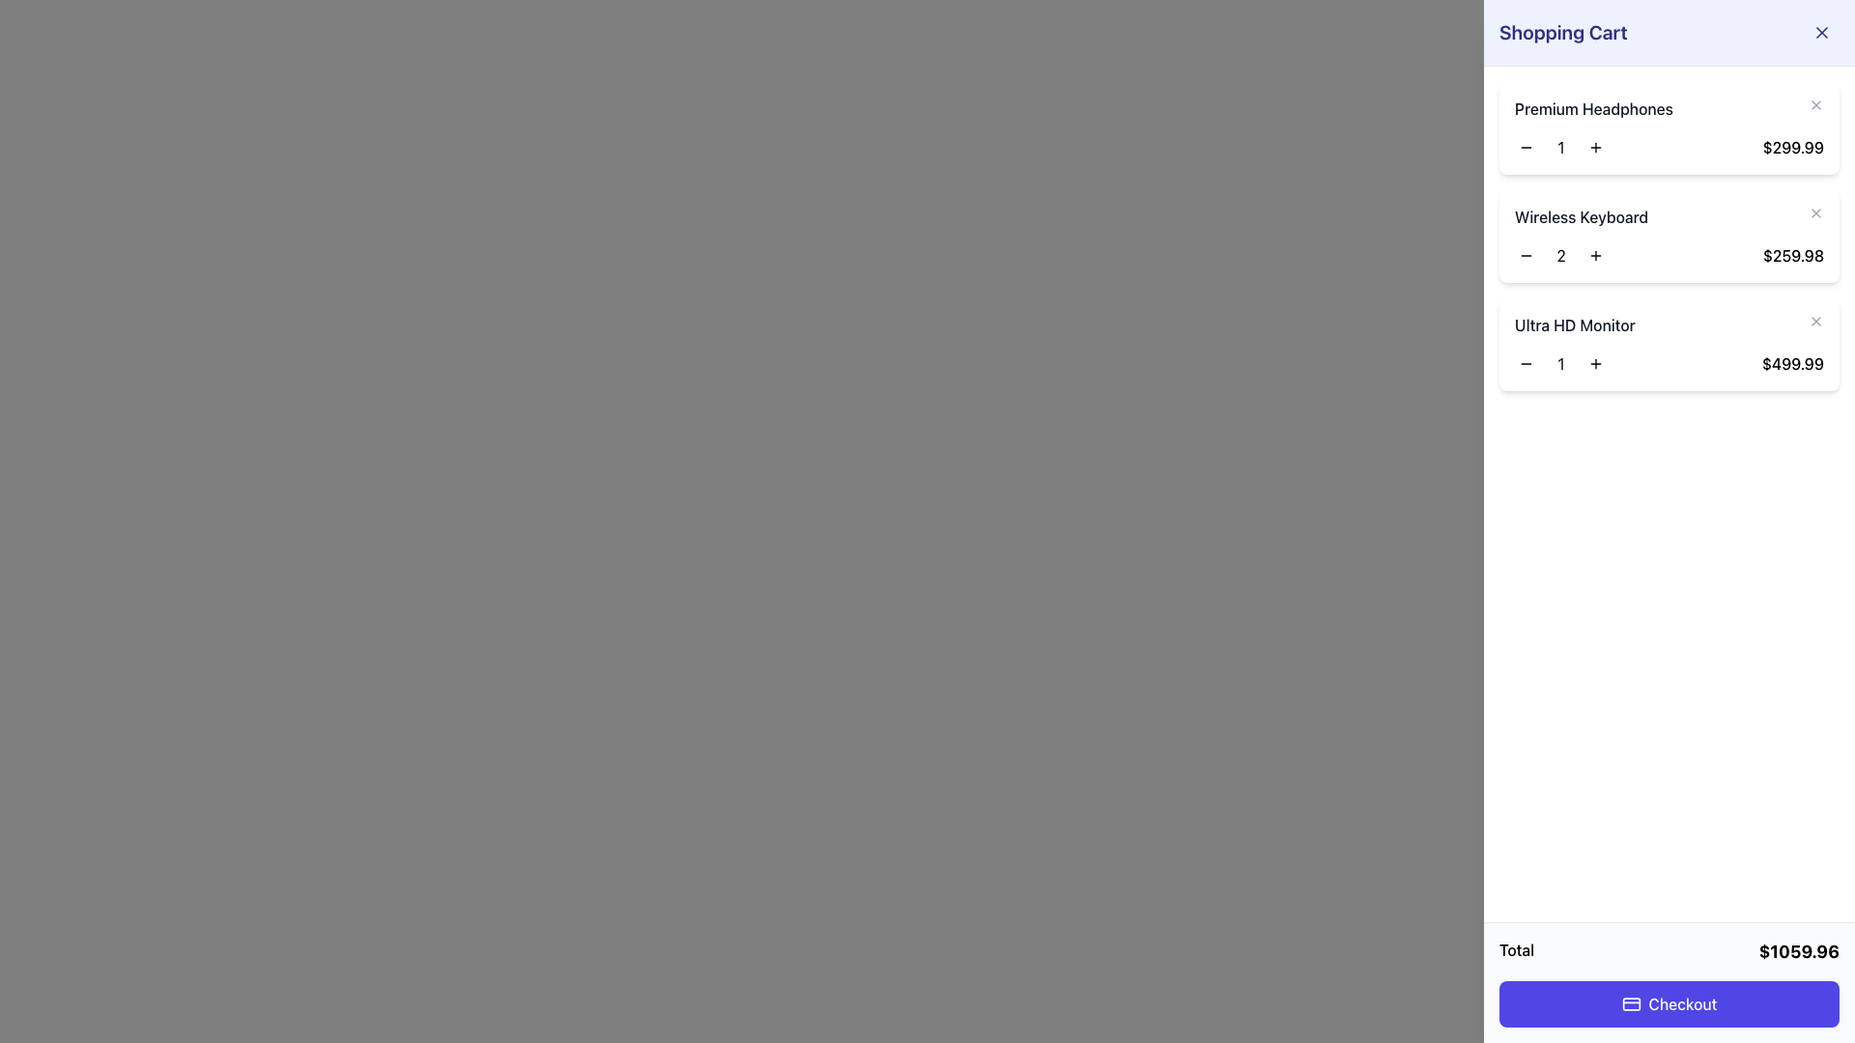 Image resolution: width=1855 pixels, height=1043 pixels. I want to click on the text element displaying the current quantity of 'Premium Headphones' in the shopping cart, located between the minus and plus buttons, so click(1561, 147).